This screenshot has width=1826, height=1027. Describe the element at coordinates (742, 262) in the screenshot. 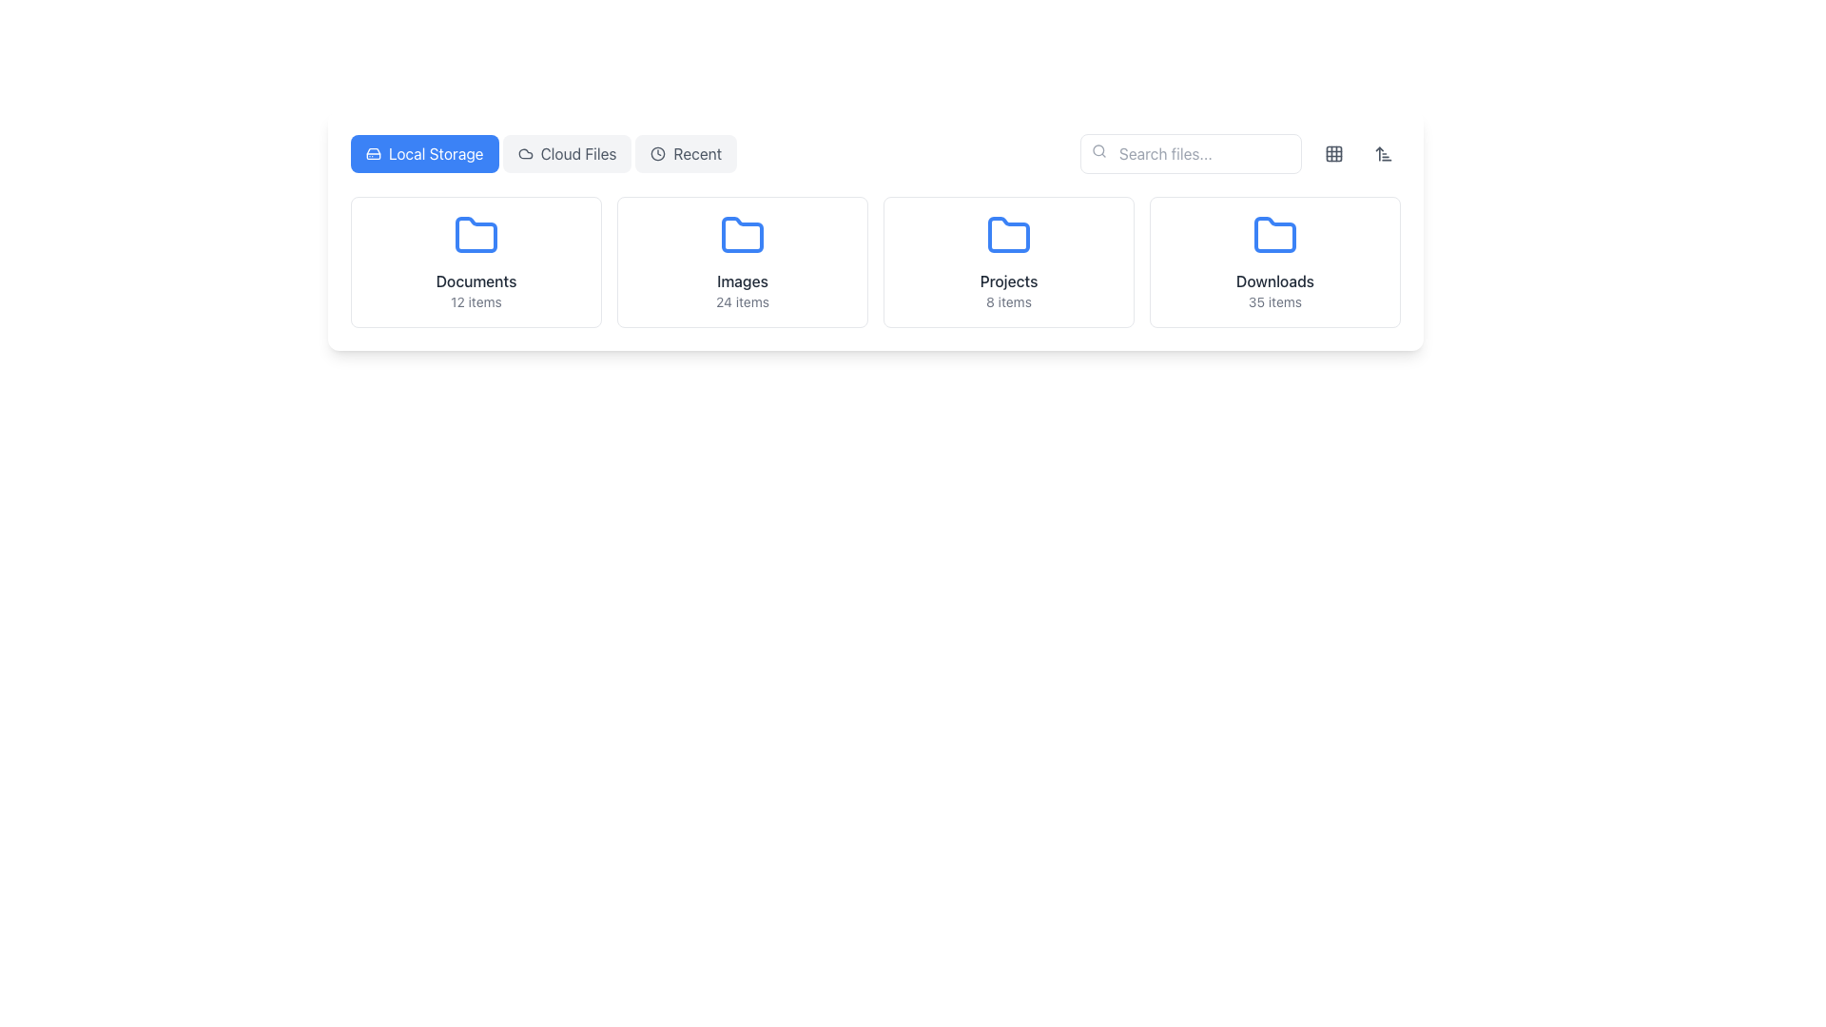

I see `the 'Images' folder card, which features a blue folder icon and the text 'Images' in bold` at that location.